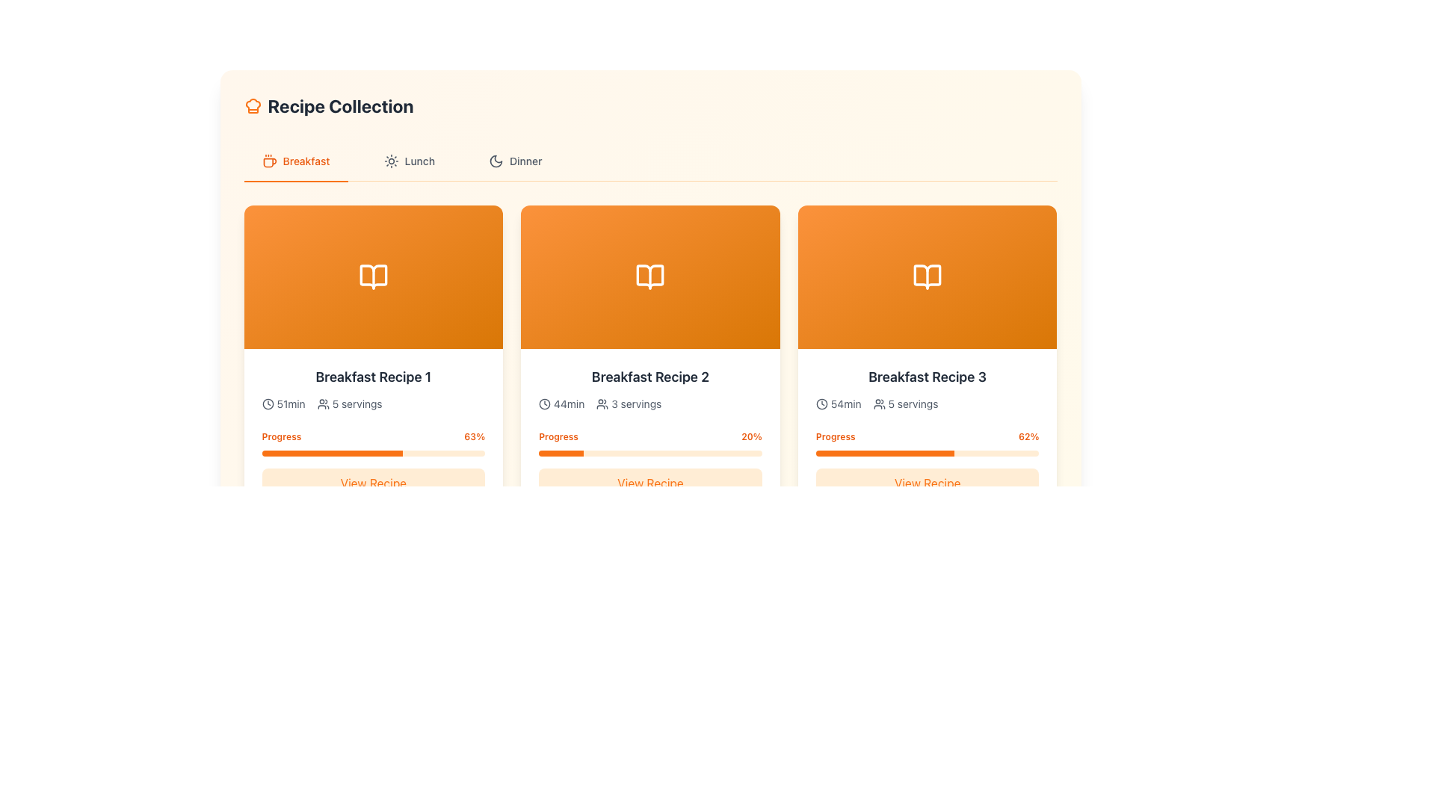  Describe the element at coordinates (1028, 437) in the screenshot. I see `the text label displaying '62%' in bold orange style, located in the top right corner of the 'Breakfast Recipe 3' card, adjacent to the progress bar` at that location.